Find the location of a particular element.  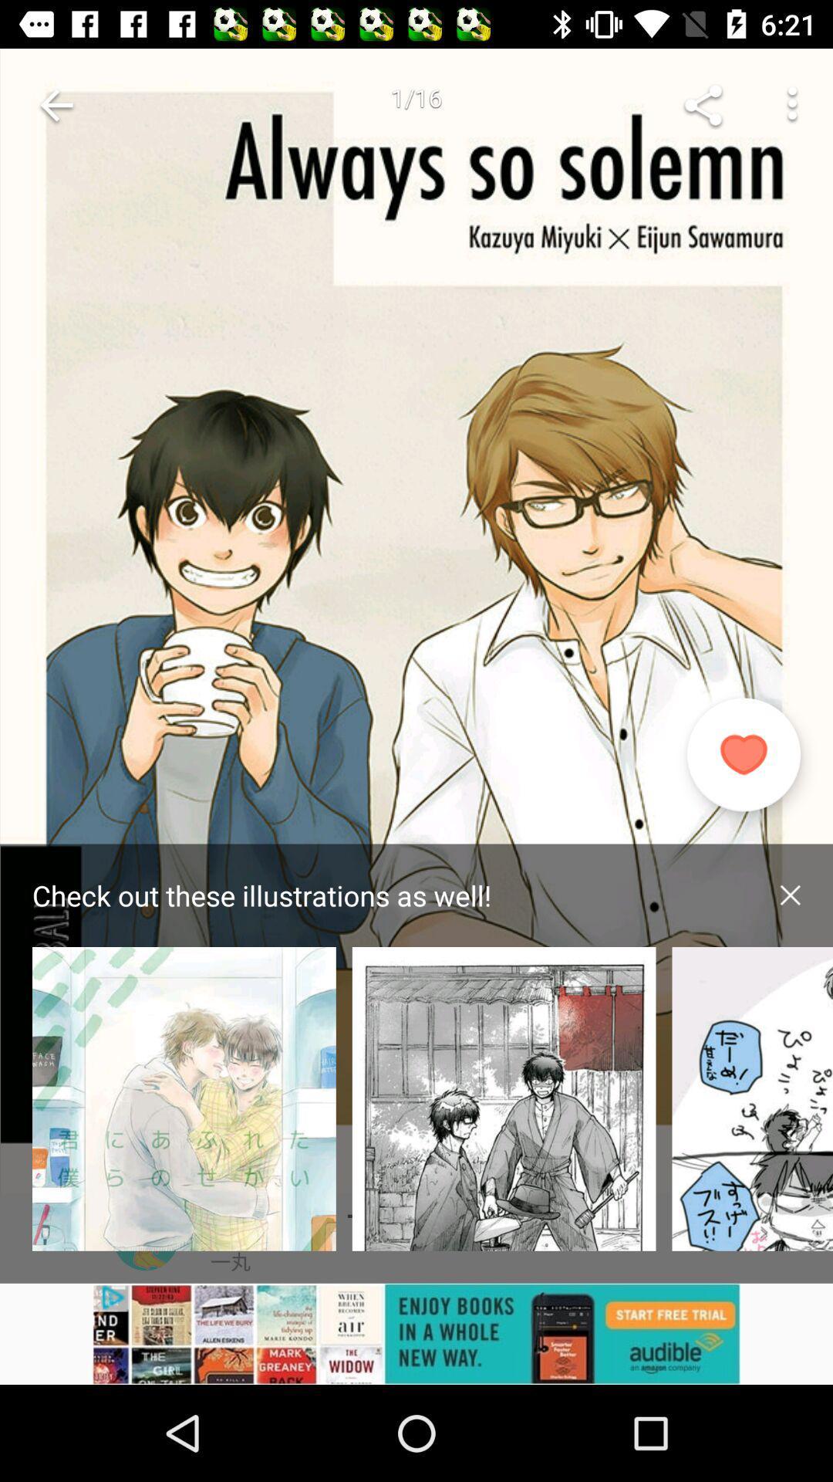

the close icon is located at coordinates (790, 895).